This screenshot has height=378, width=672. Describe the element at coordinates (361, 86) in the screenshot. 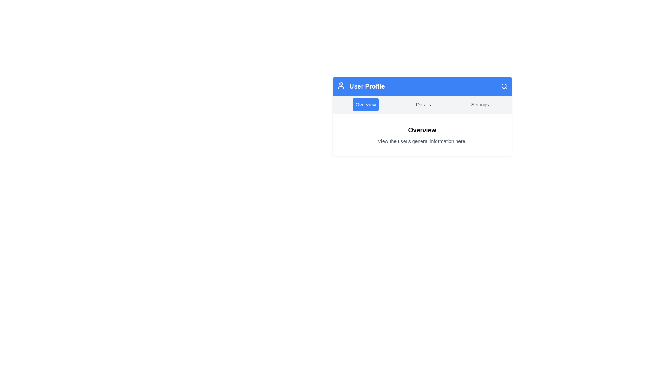

I see `the 'User Profile' text label in the top left section of the blue header bar to interact with the profile section` at that location.